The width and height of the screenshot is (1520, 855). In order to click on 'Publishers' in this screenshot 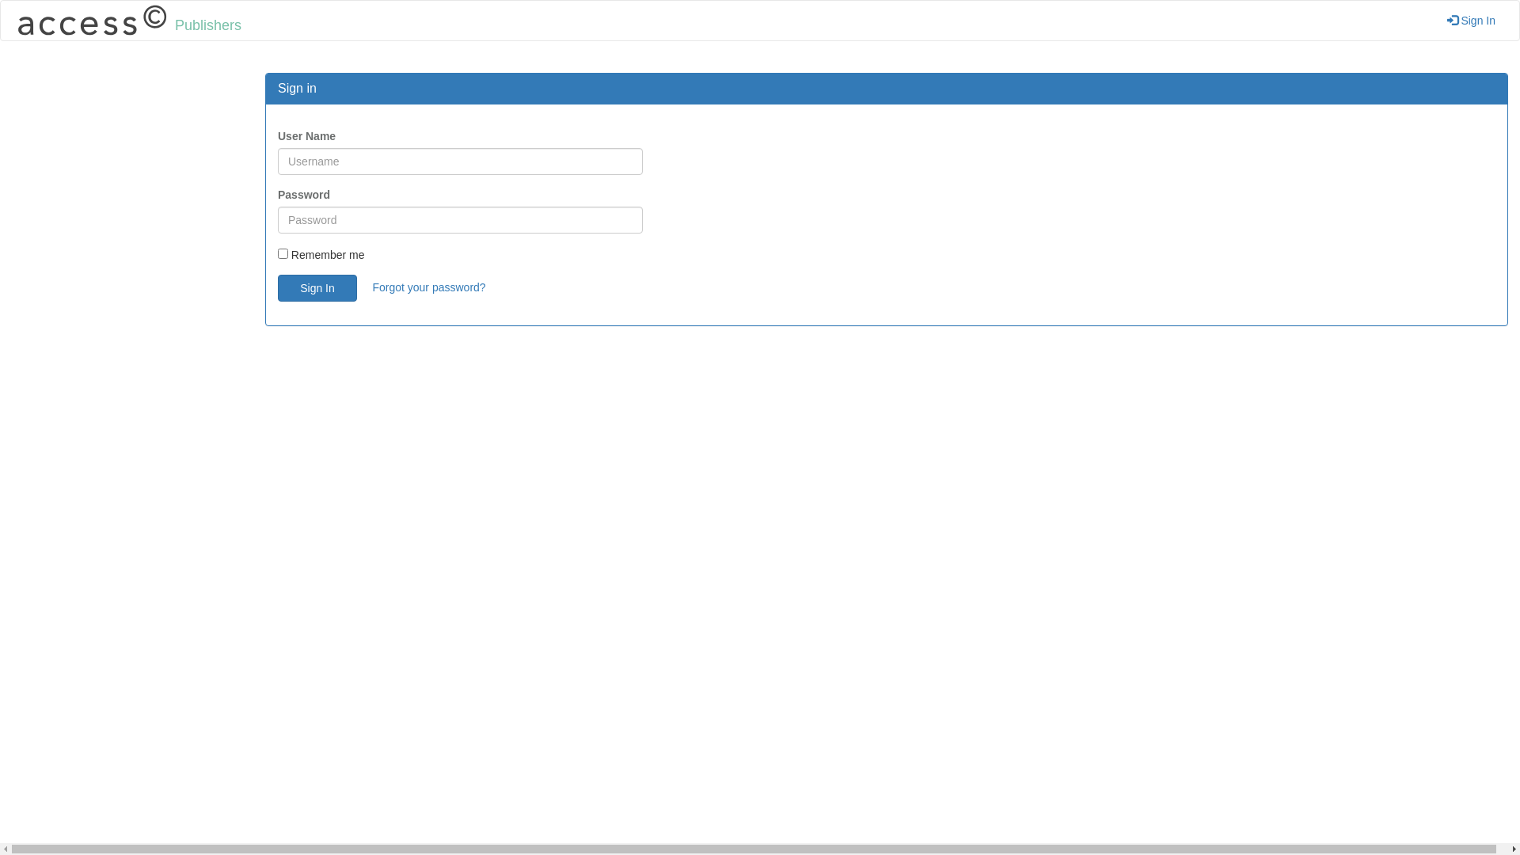, I will do `click(0, 21)`.